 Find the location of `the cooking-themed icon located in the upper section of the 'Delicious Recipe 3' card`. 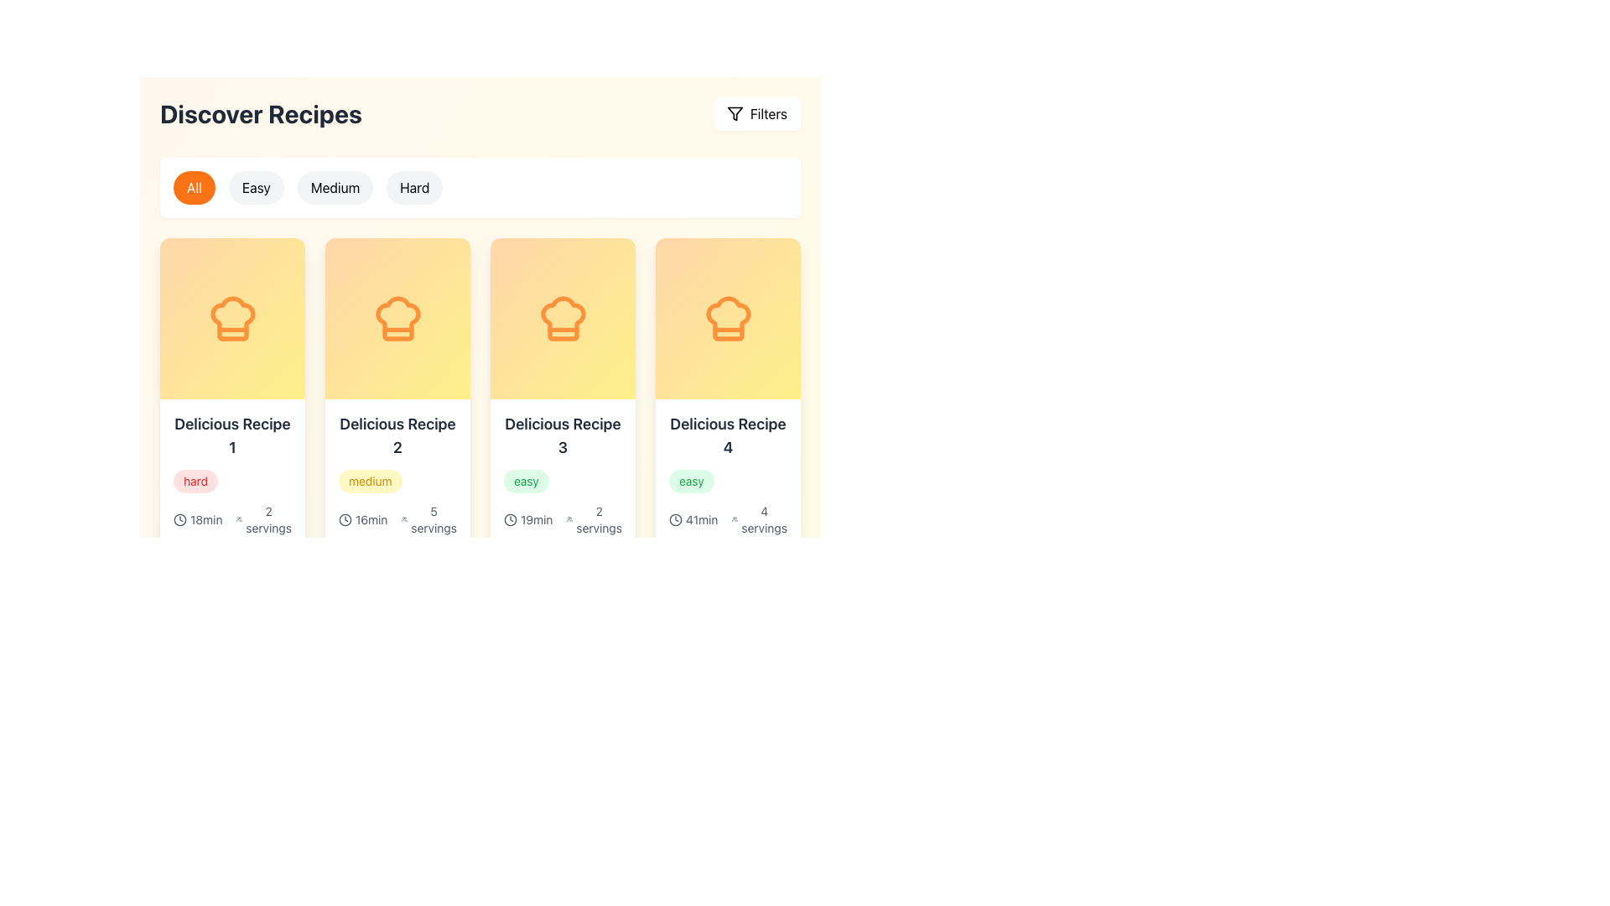

the cooking-themed icon located in the upper section of the 'Delicious Recipe 3' card is located at coordinates (563, 319).